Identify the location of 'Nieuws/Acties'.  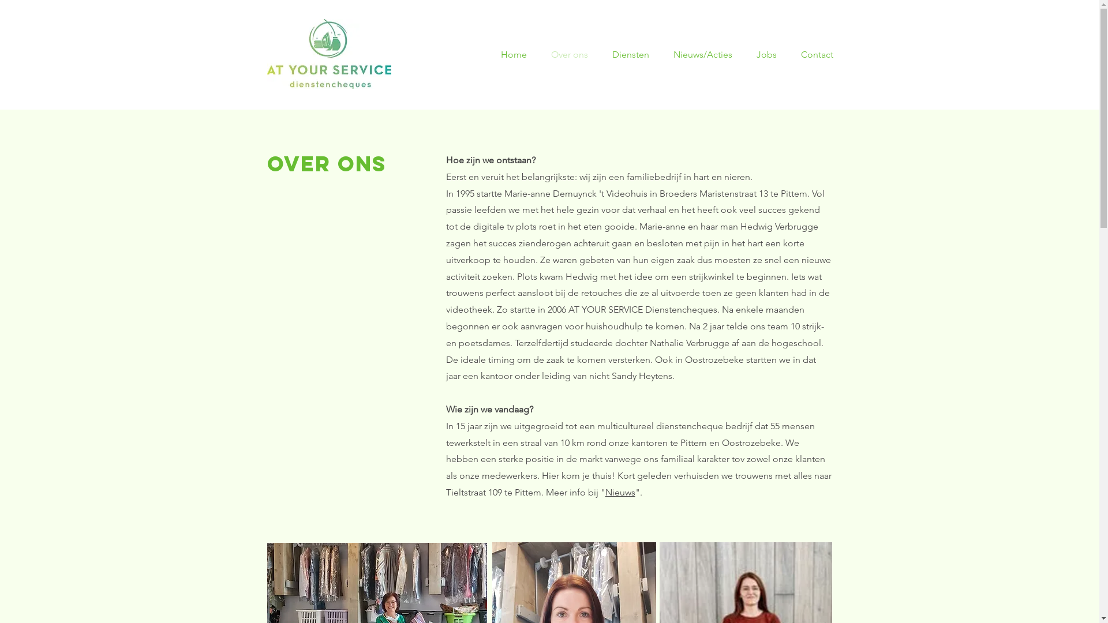
(706, 55).